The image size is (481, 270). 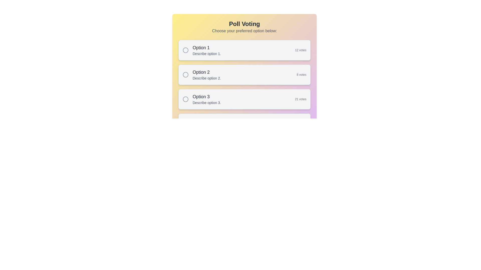 What do you see at coordinates (185, 50) in the screenshot?
I see `the hollow circular SVG Circle Graphic located to the left of the 'Option 1' text within the voting option card at the top of the poll interface` at bounding box center [185, 50].